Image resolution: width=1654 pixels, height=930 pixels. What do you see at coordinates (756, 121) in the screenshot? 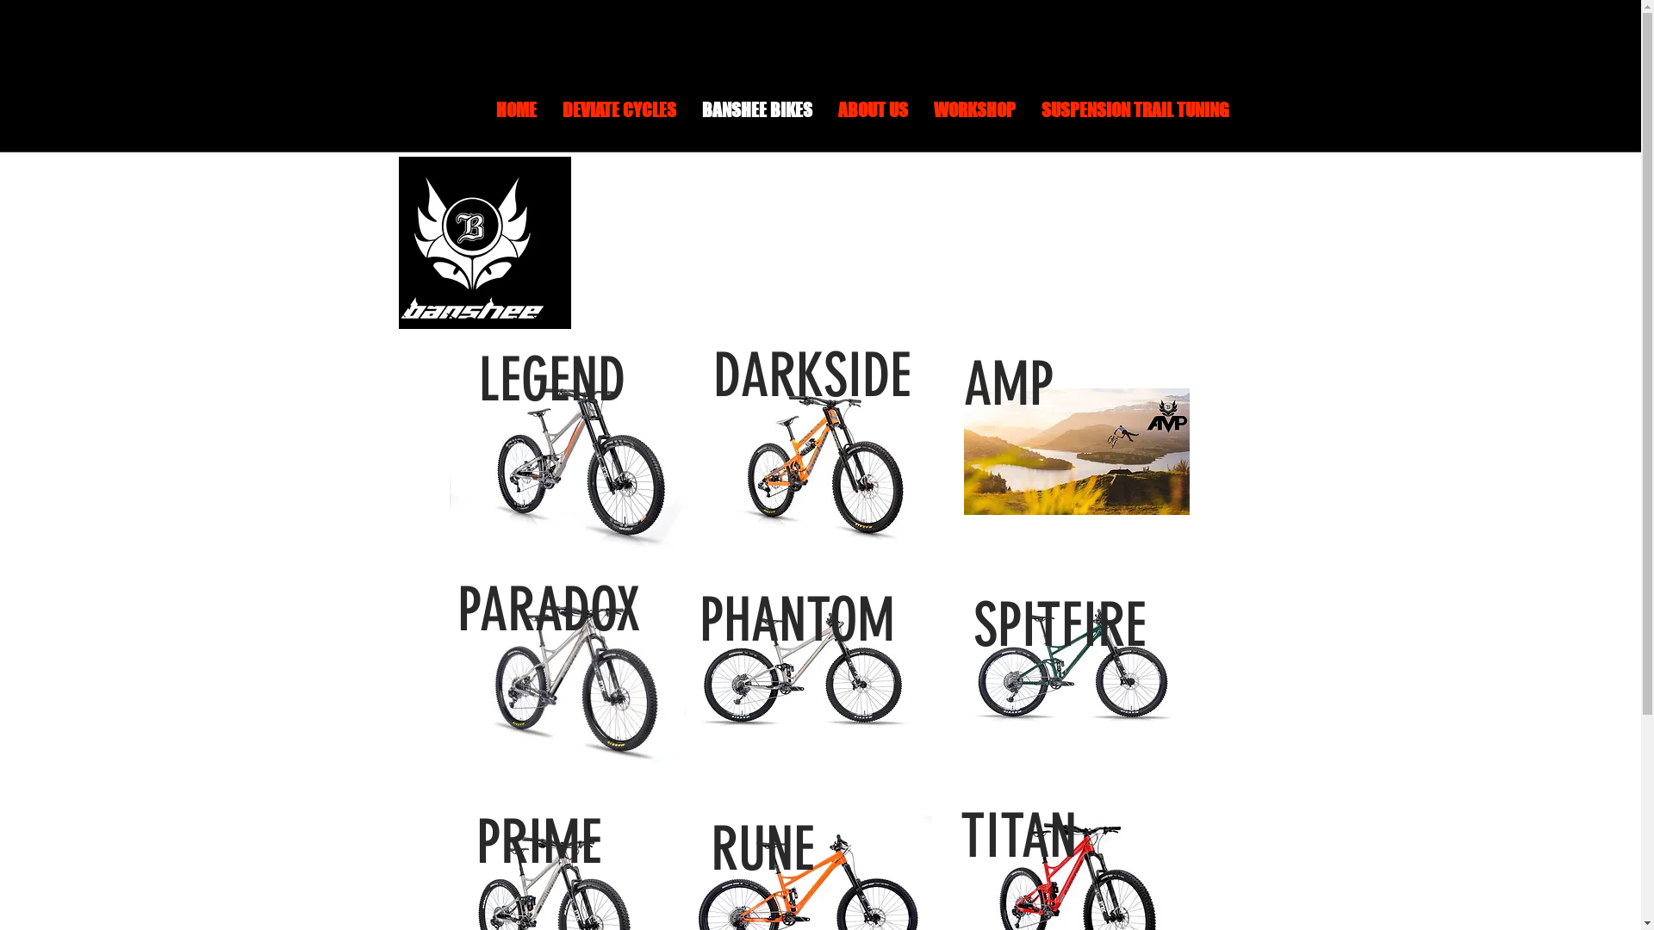
I see `'BANSHEE BIKES'` at bounding box center [756, 121].